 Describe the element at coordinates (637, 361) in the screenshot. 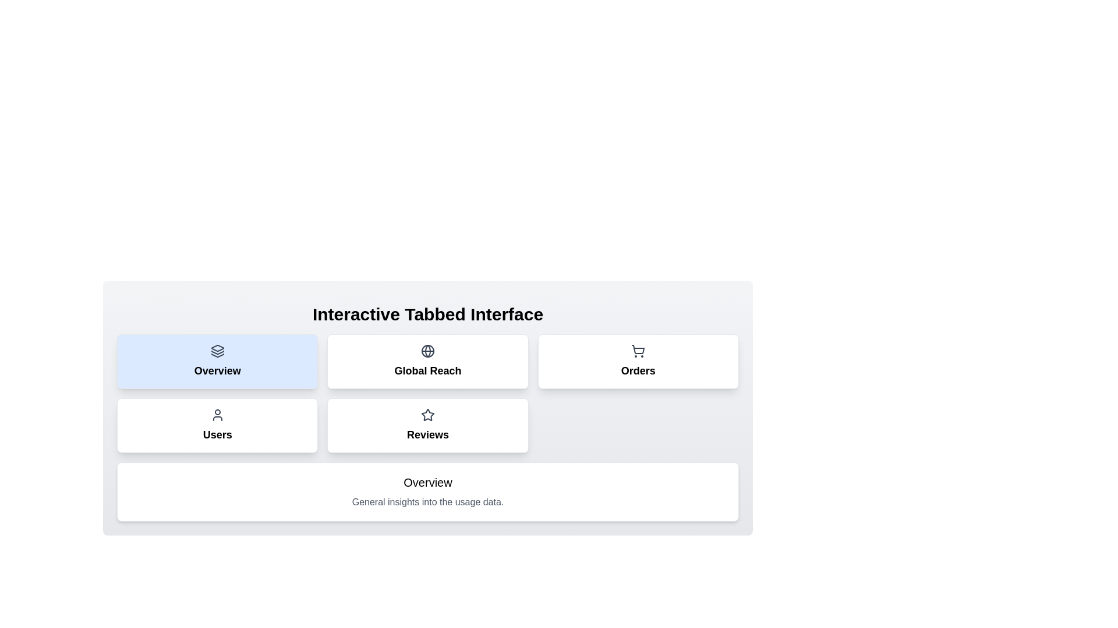

I see `the 'Orders' button to activate the Orders tab` at that location.